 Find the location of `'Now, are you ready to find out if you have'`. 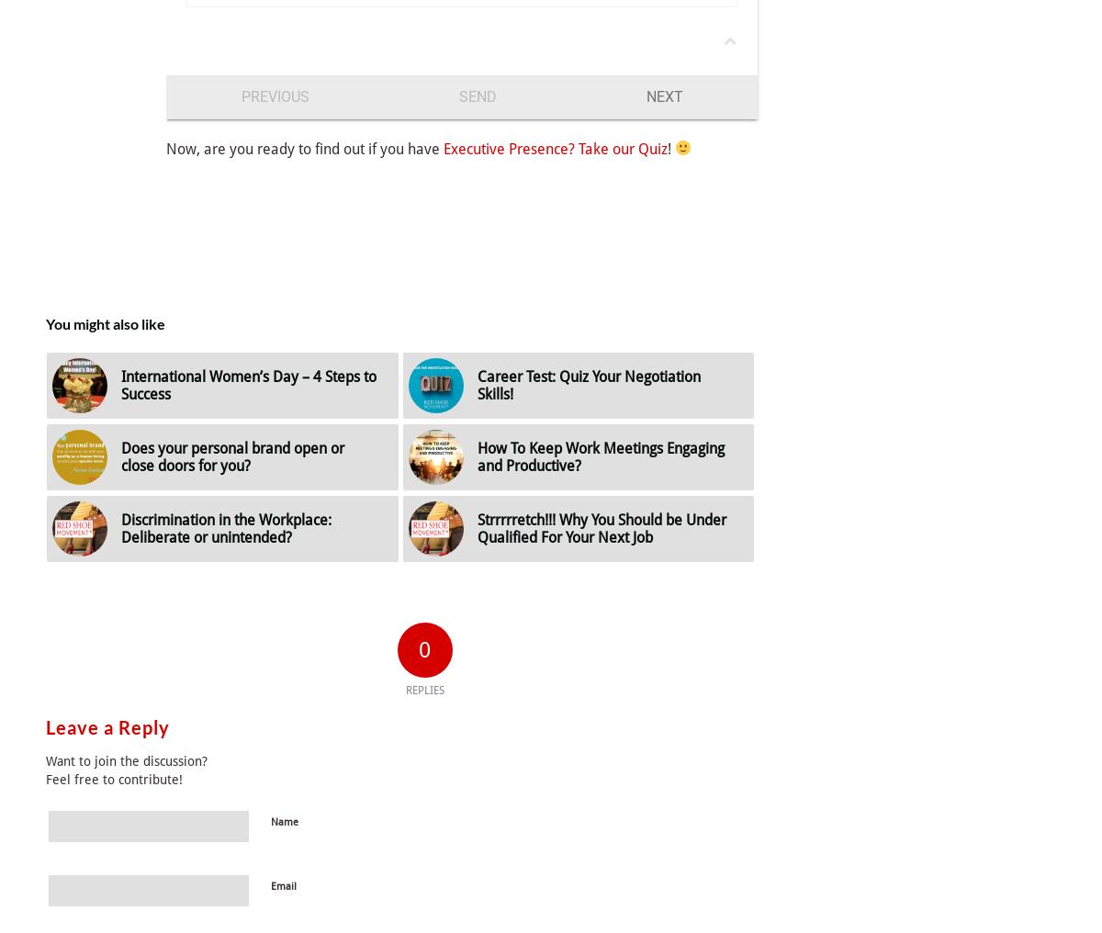

'Now, are you ready to find out if you have' is located at coordinates (305, 147).